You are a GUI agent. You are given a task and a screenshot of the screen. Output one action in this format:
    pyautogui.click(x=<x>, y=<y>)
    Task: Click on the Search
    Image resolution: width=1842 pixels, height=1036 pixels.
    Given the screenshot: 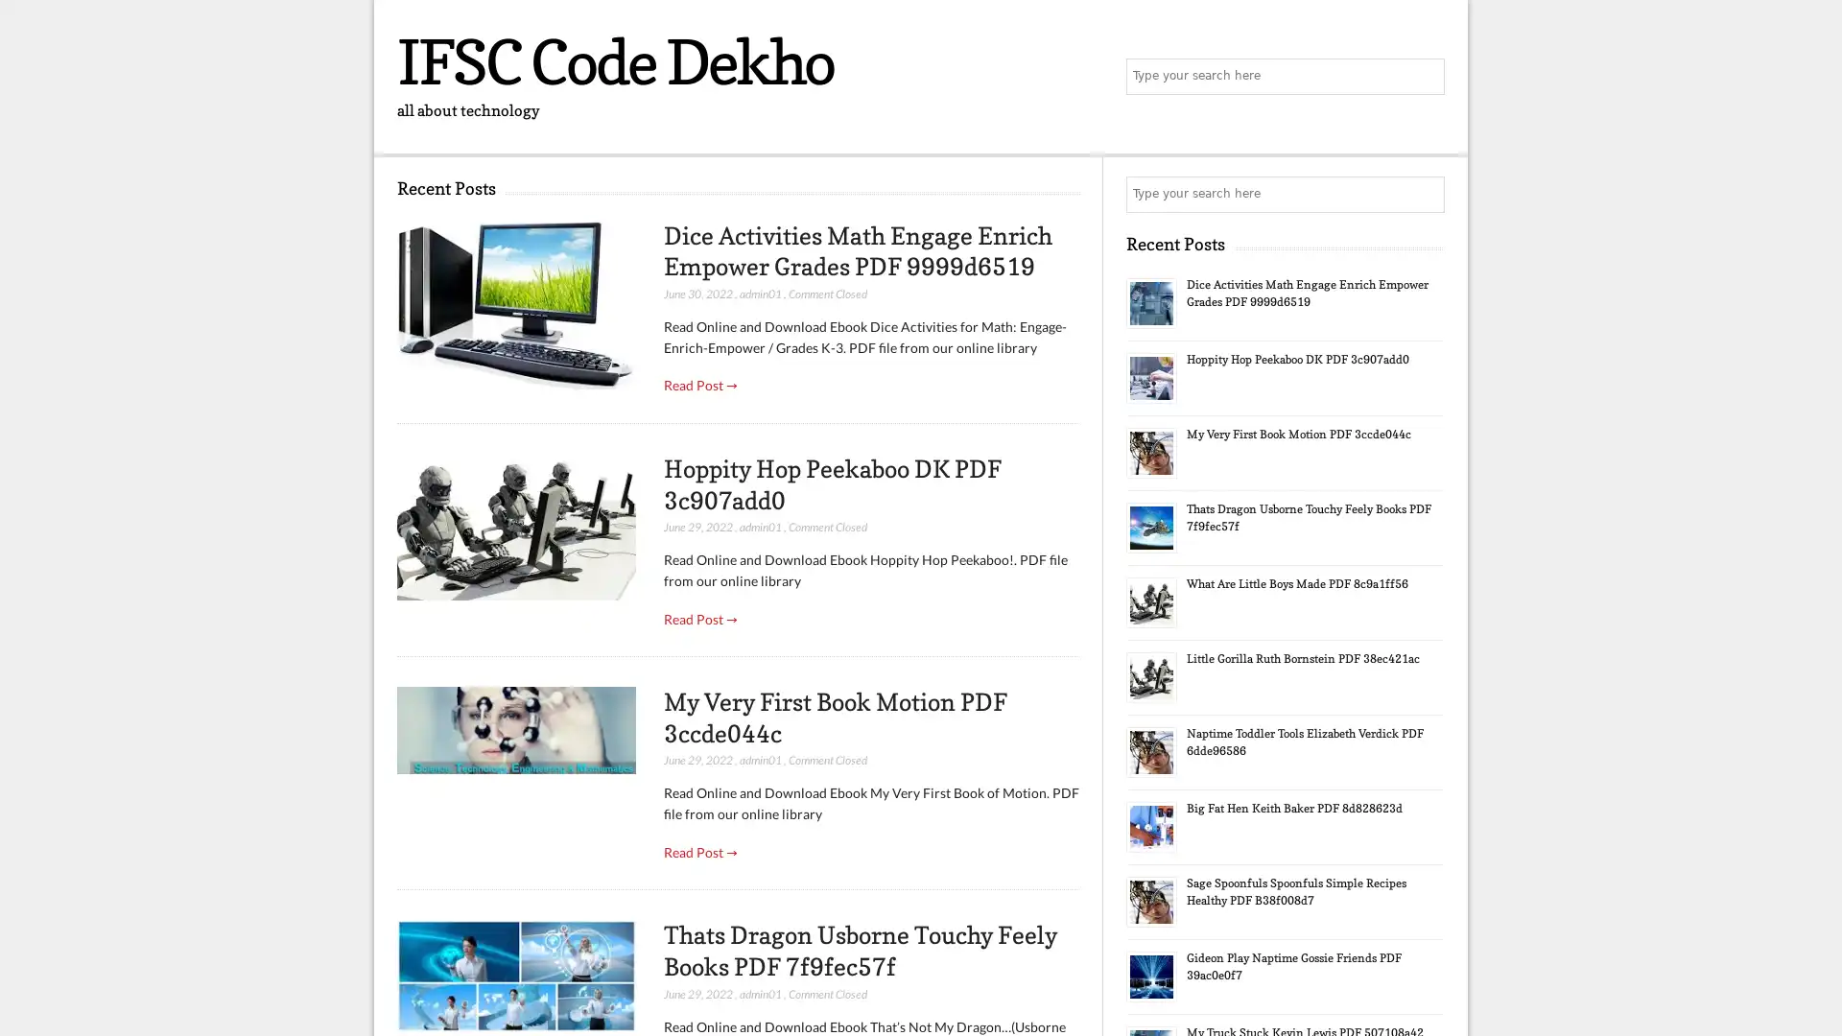 What is the action you would take?
    pyautogui.click(x=1425, y=77)
    